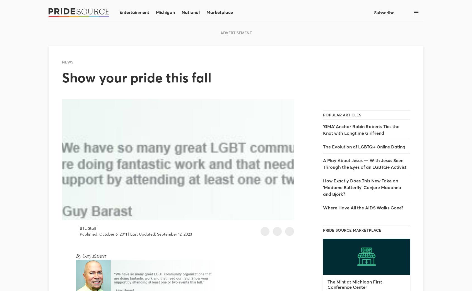 This screenshot has height=291, width=472. What do you see at coordinates (75, 40) in the screenshot?
I see `'Michigan'` at bounding box center [75, 40].